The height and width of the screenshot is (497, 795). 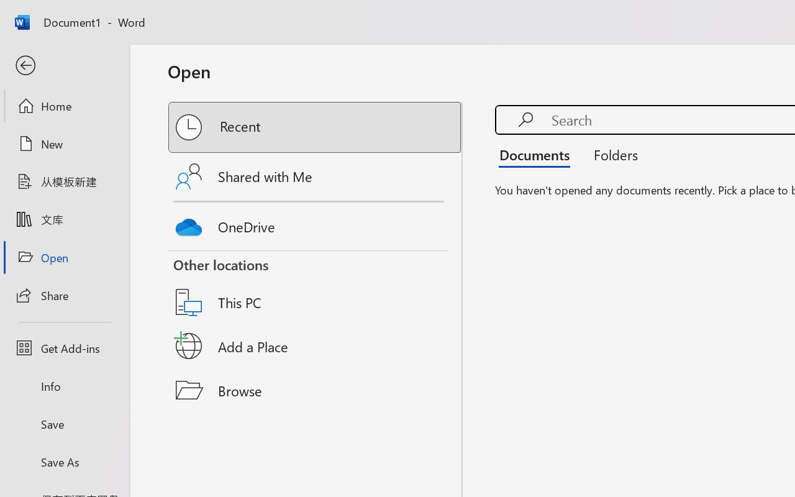 I want to click on 'Back', so click(x=64, y=65).